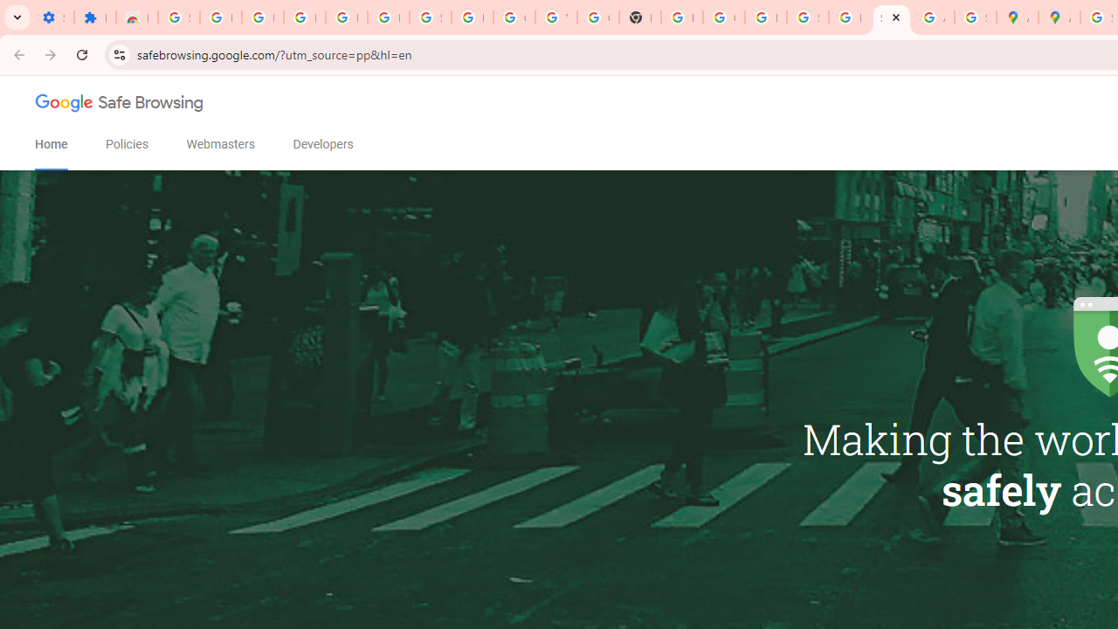  What do you see at coordinates (119, 106) in the screenshot?
I see `'Google Safe Browsing'` at bounding box center [119, 106].